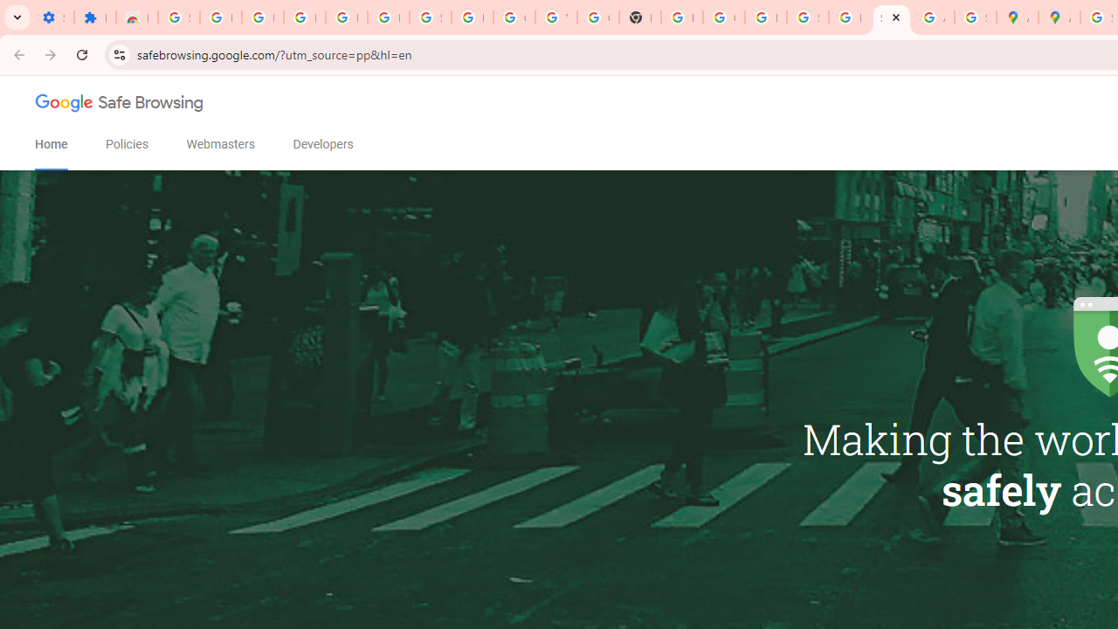  What do you see at coordinates (119, 106) in the screenshot?
I see `'Google Safe Browsing'` at bounding box center [119, 106].